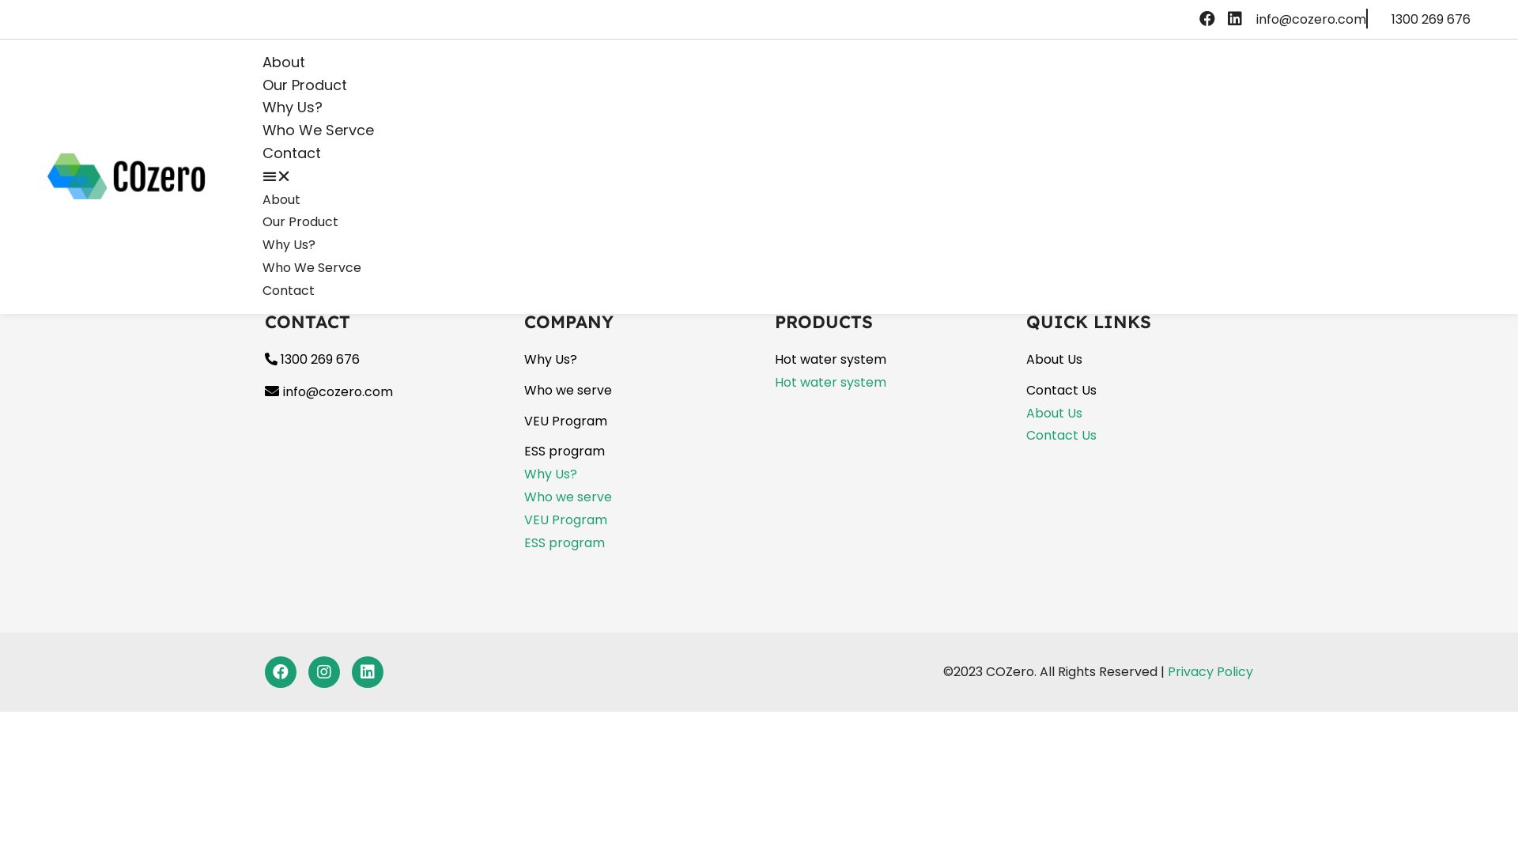 The height and width of the screenshot is (854, 1518). What do you see at coordinates (289, 244) in the screenshot?
I see `'Why Us?'` at bounding box center [289, 244].